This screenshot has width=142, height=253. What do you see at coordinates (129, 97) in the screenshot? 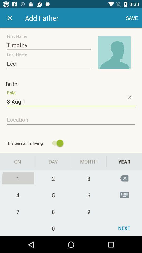
I see `the close icon` at bounding box center [129, 97].